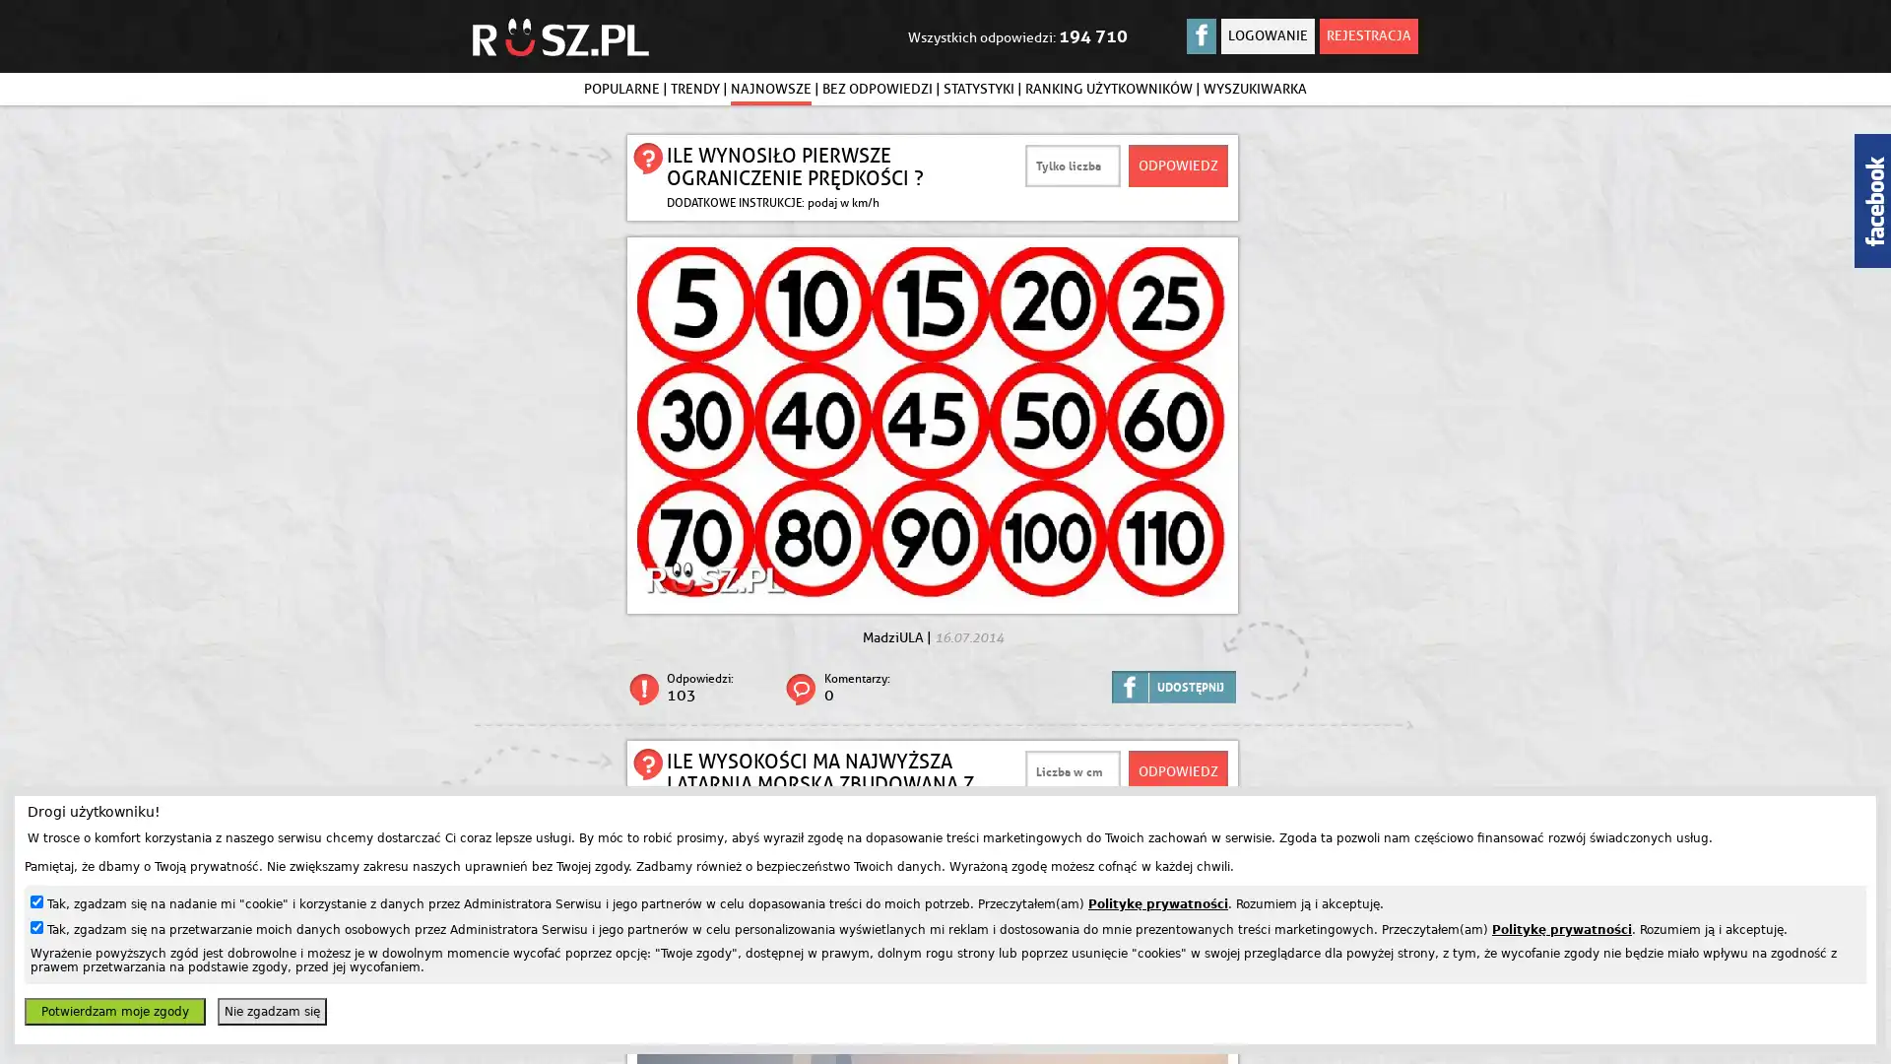 The image size is (1891, 1064). Describe the element at coordinates (1178, 770) in the screenshot. I see `Odpowiedz` at that location.